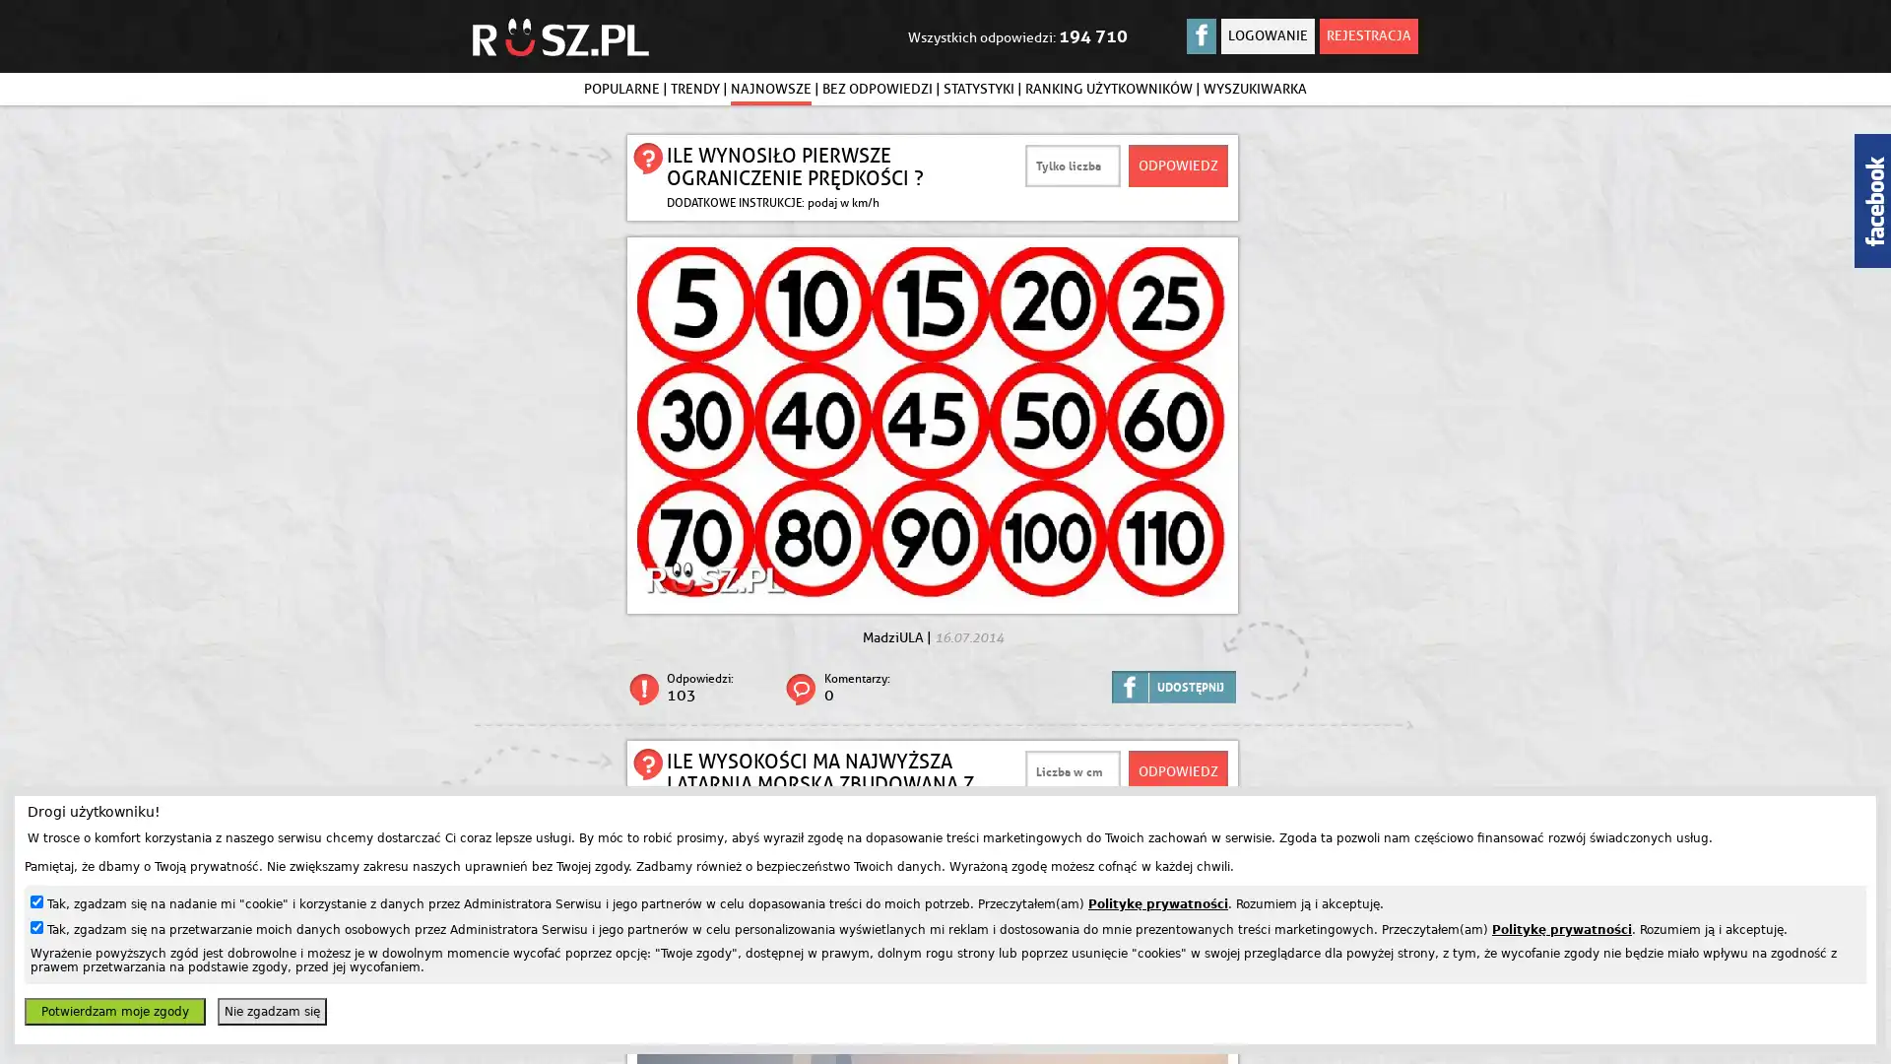 The image size is (1891, 1064). Describe the element at coordinates (1178, 770) in the screenshot. I see `Odpowiedz` at that location.